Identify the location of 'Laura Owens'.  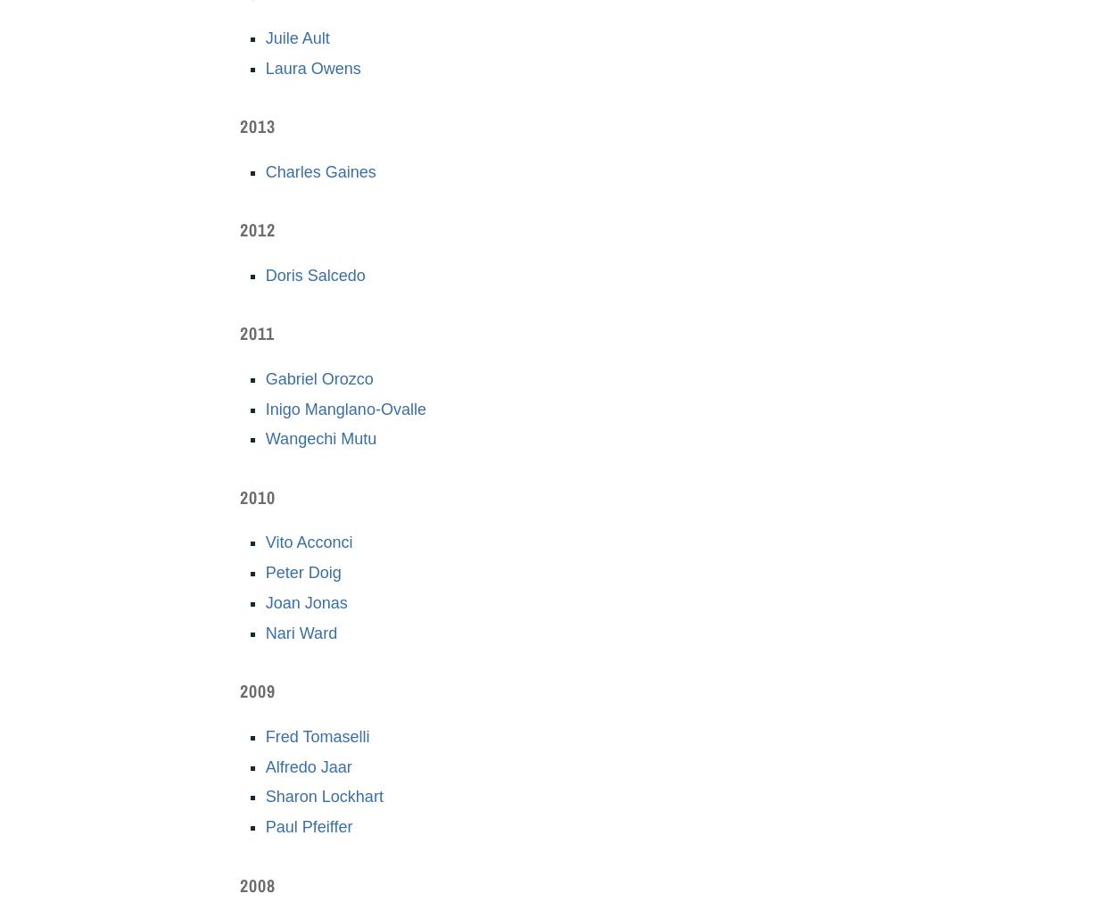
(311, 67).